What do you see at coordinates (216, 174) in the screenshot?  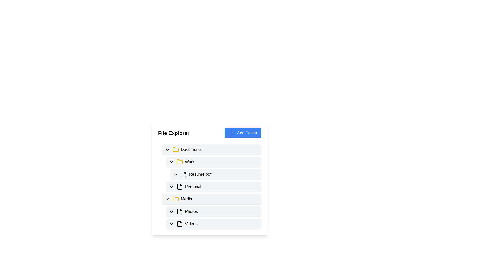 I see `the third file item labeled 'Resume.pdf' within the 'Work' folder in the file explorer` at bounding box center [216, 174].